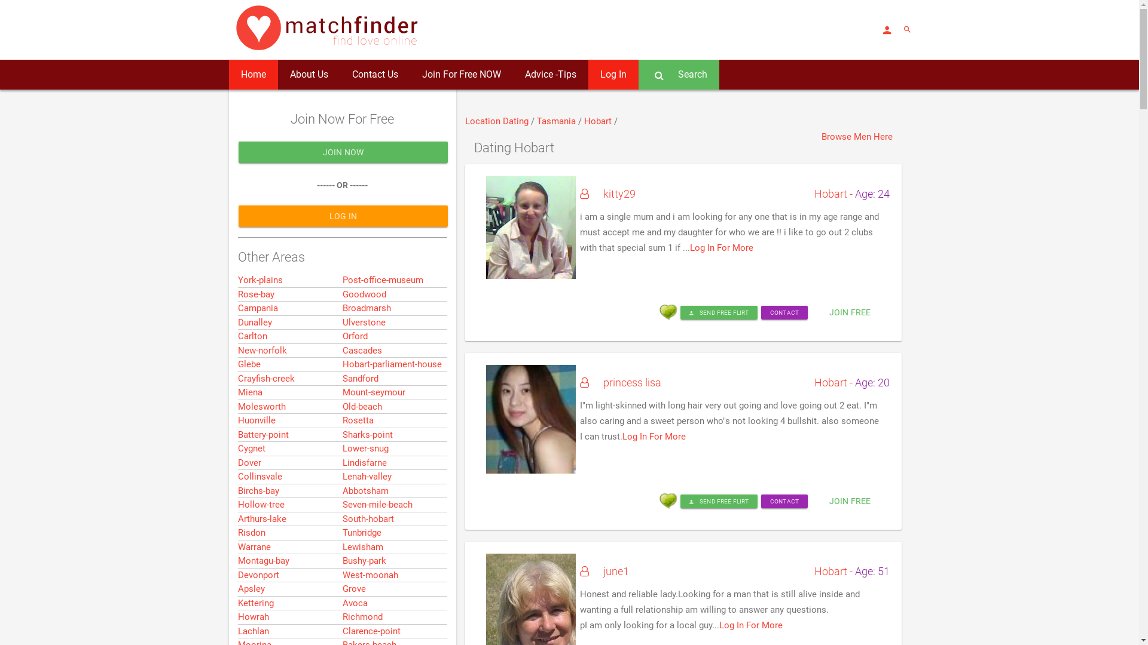 Image resolution: width=1148 pixels, height=645 pixels. Describe the element at coordinates (238, 294) in the screenshot. I see `'Rose-bay'` at that location.